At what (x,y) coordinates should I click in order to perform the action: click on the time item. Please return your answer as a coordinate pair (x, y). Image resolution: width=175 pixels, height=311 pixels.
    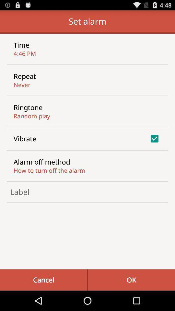
    Looking at the image, I should click on (21, 44).